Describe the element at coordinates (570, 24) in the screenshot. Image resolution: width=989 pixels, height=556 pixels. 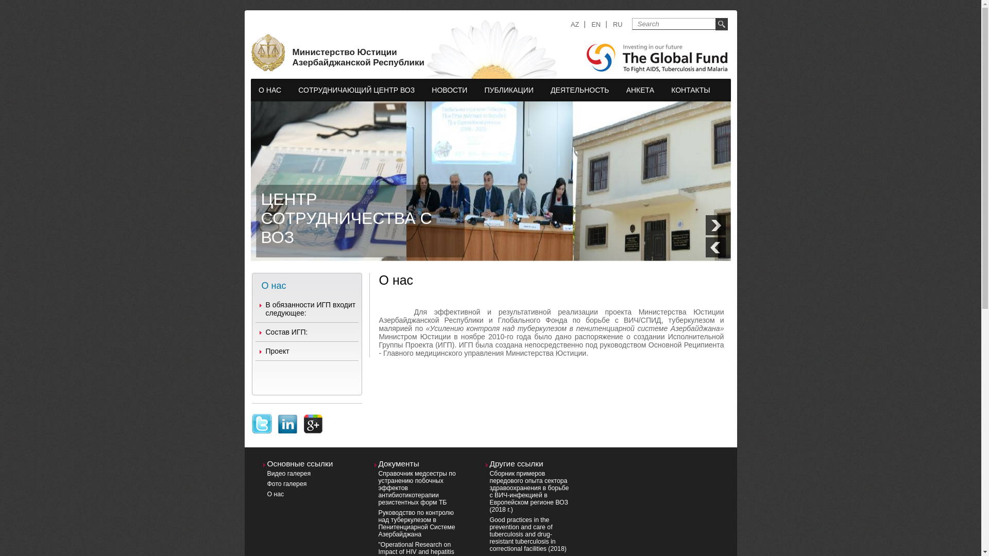
I see `'AZ'` at that location.